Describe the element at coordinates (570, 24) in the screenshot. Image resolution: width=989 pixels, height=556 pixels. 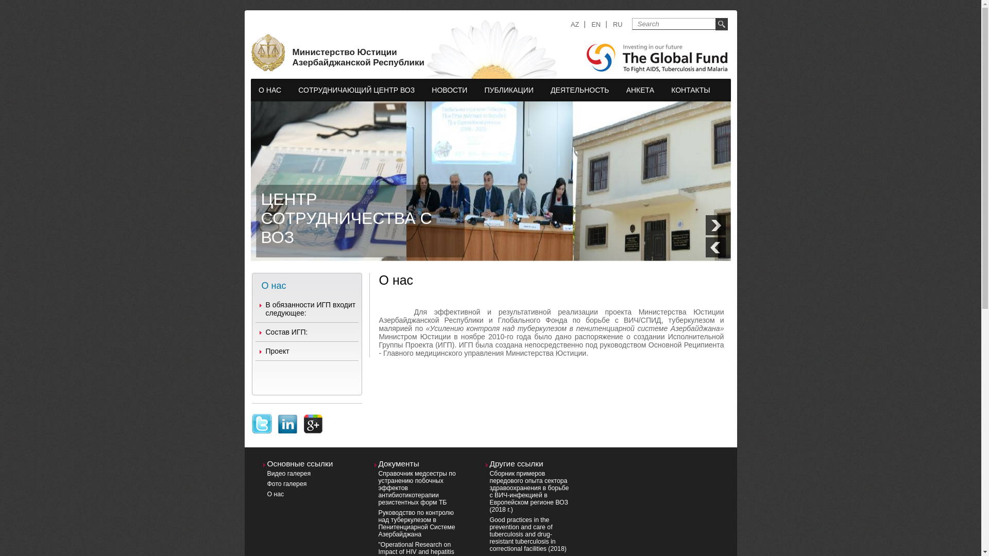
I see `'AZ'` at that location.